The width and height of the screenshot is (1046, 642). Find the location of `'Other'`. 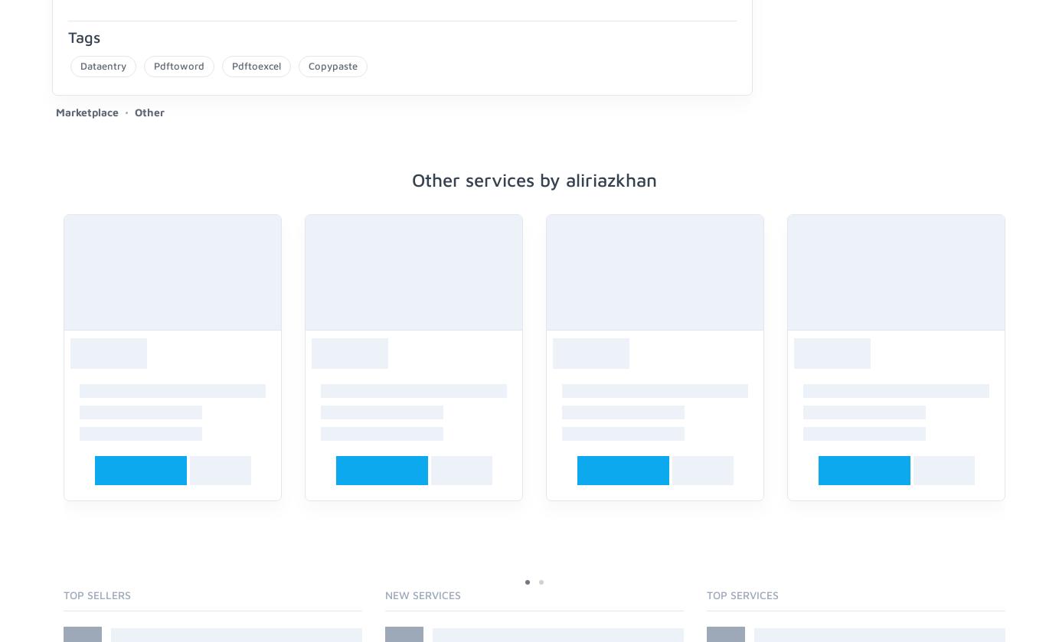

'Other' is located at coordinates (149, 111).